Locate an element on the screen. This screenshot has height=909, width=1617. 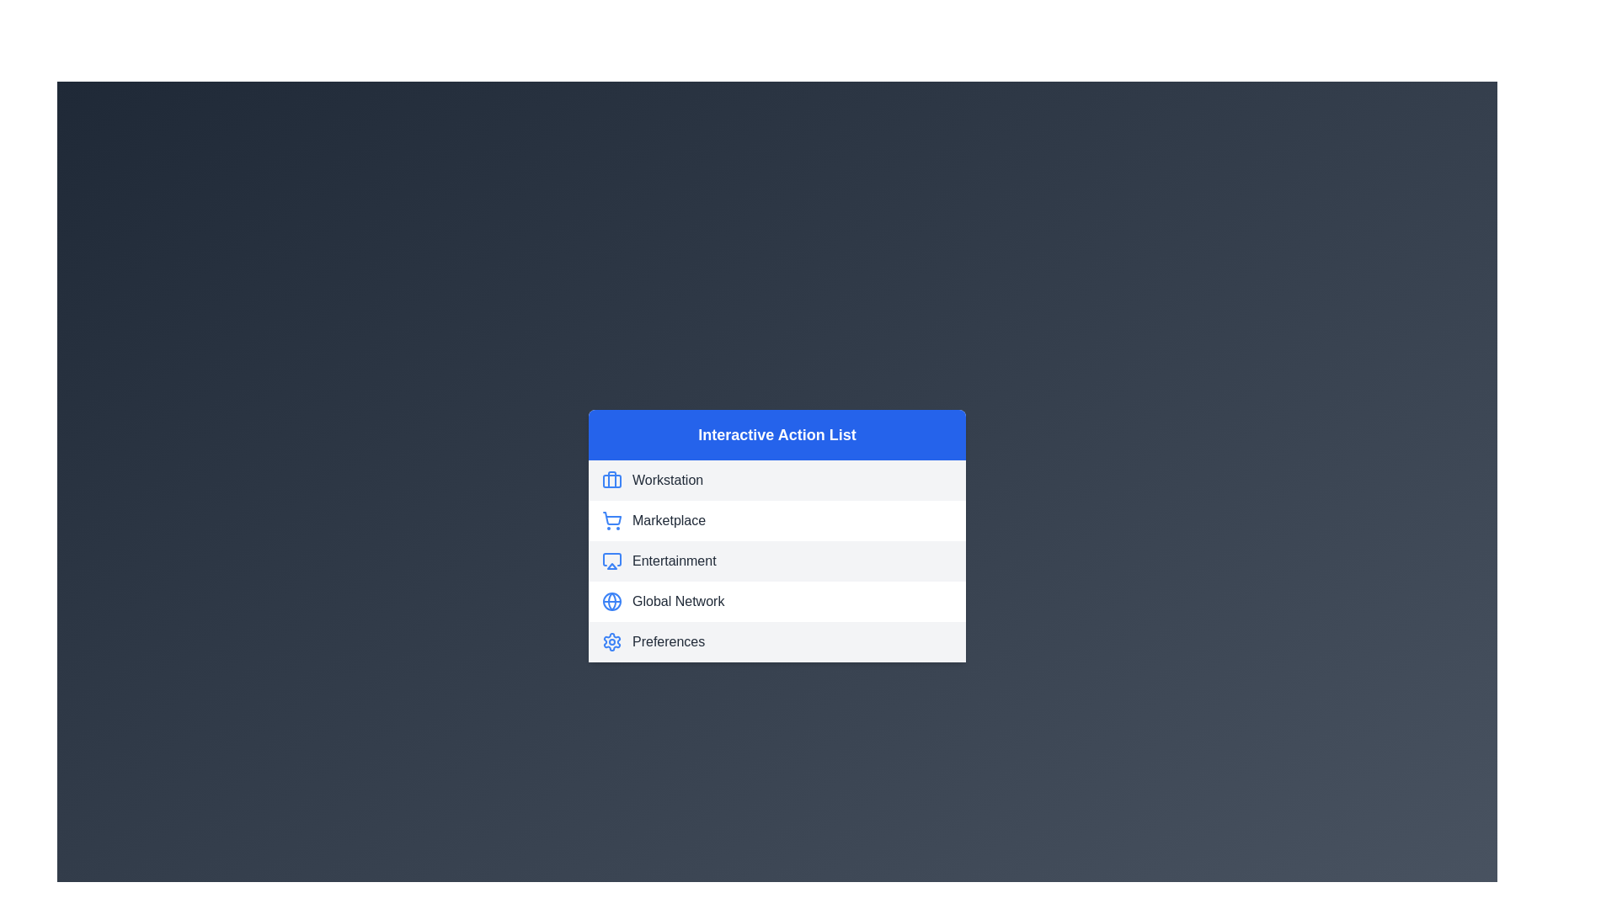
the settings icon located to the left of the 'Preferences' text label in the bottom row of the interactive list is located at coordinates (611, 642).